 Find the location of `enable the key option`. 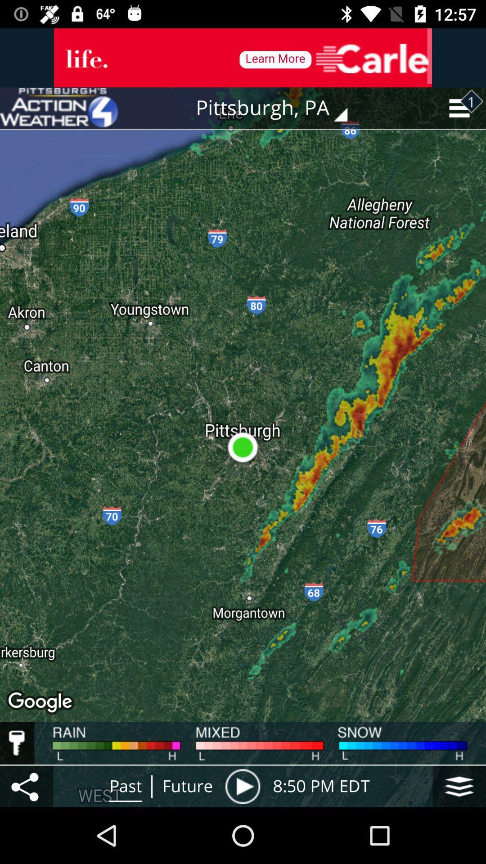

enable the key option is located at coordinates (17, 743).